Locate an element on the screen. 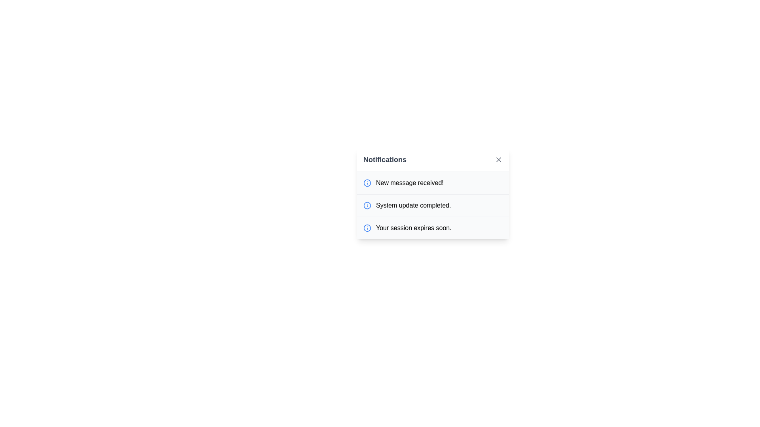 The image size is (760, 427). the notification message that says 'Your session expires soon.' which is styled as a list item with a light gray background and a blue informational icon, located as the third item in the notification list is located at coordinates (433, 227).